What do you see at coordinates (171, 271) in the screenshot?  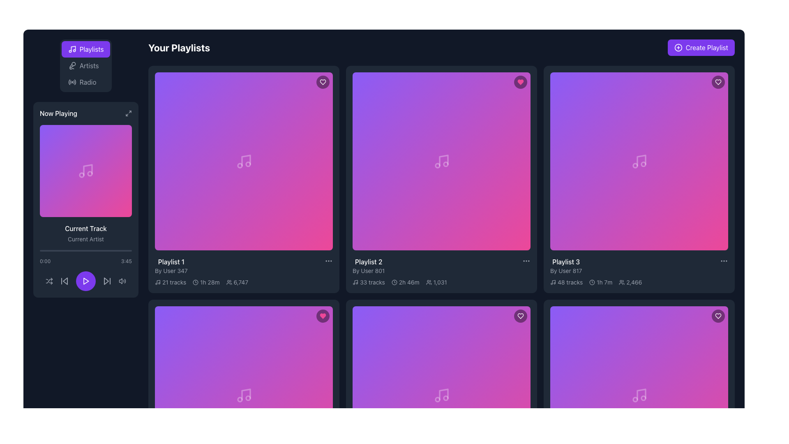 I see `the text label displaying the contributor or creator's name for the playlist, which is positioned below 'Playlist 1' in the left-top grid cell of the playlist list` at bounding box center [171, 271].